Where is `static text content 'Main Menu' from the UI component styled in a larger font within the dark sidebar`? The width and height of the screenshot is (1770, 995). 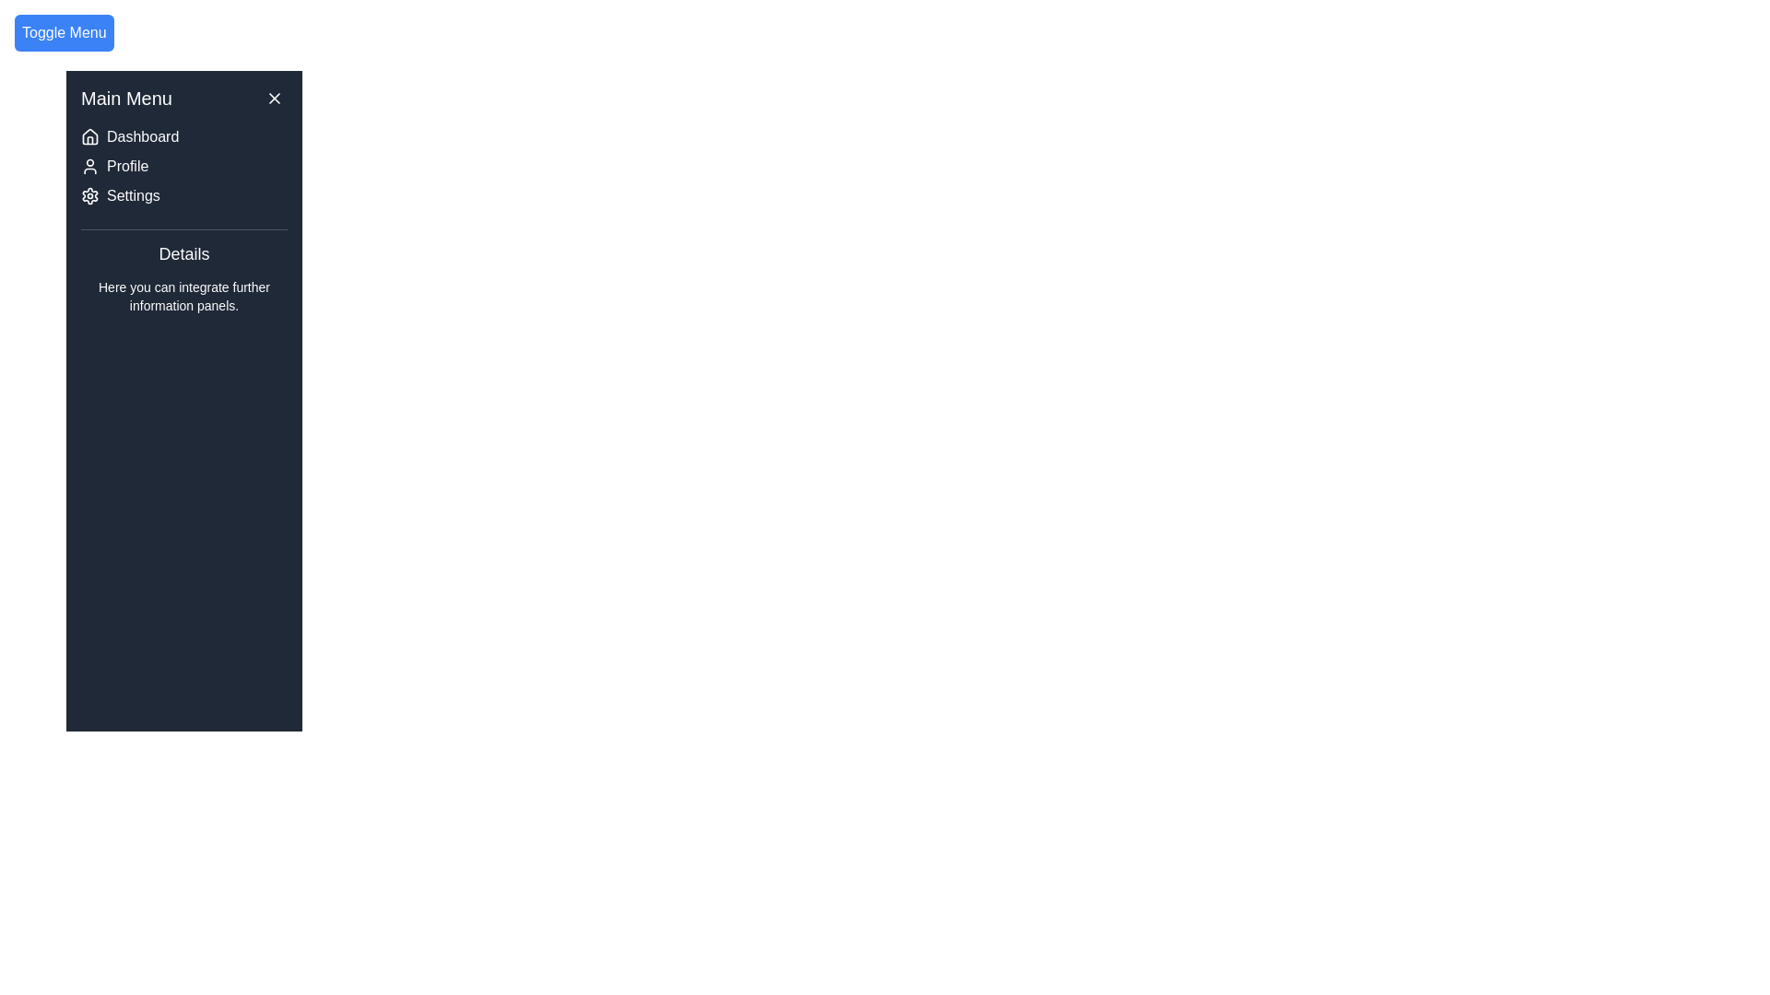
static text content 'Main Menu' from the UI component styled in a larger font within the dark sidebar is located at coordinates (125, 99).